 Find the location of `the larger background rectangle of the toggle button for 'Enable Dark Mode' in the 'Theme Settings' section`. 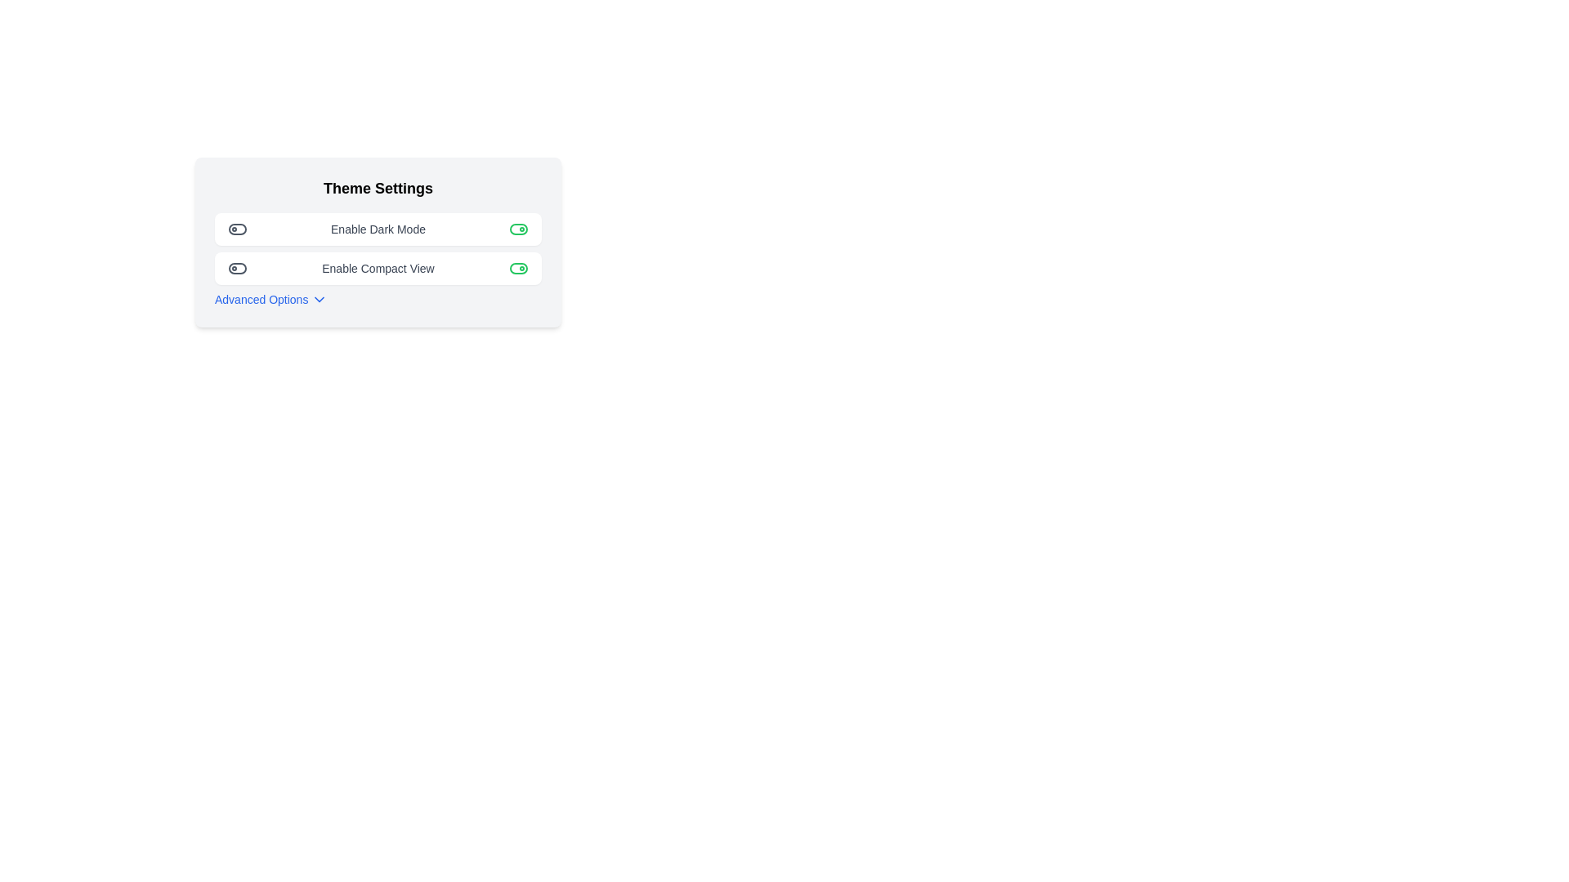

the larger background rectangle of the toggle button for 'Enable Dark Mode' in the 'Theme Settings' section is located at coordinates (517, 229).